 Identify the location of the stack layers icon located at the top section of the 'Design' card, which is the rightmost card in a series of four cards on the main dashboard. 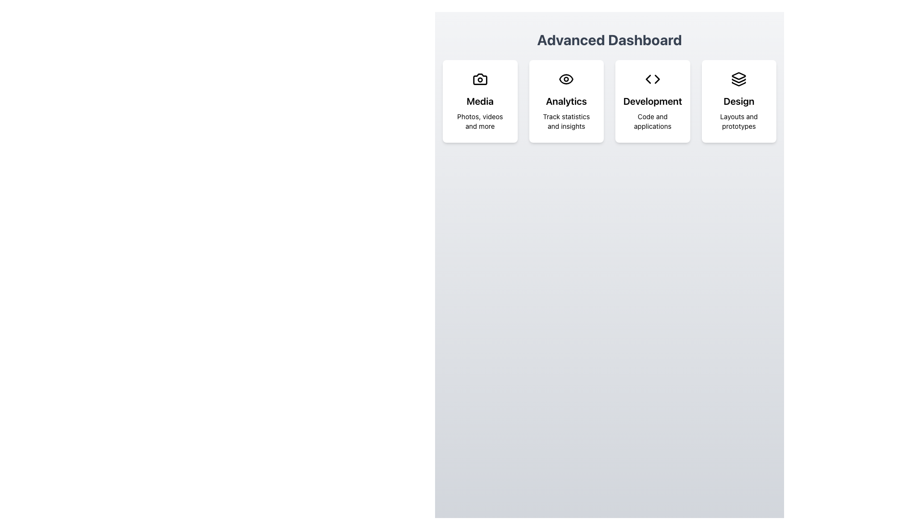
(738, 79).